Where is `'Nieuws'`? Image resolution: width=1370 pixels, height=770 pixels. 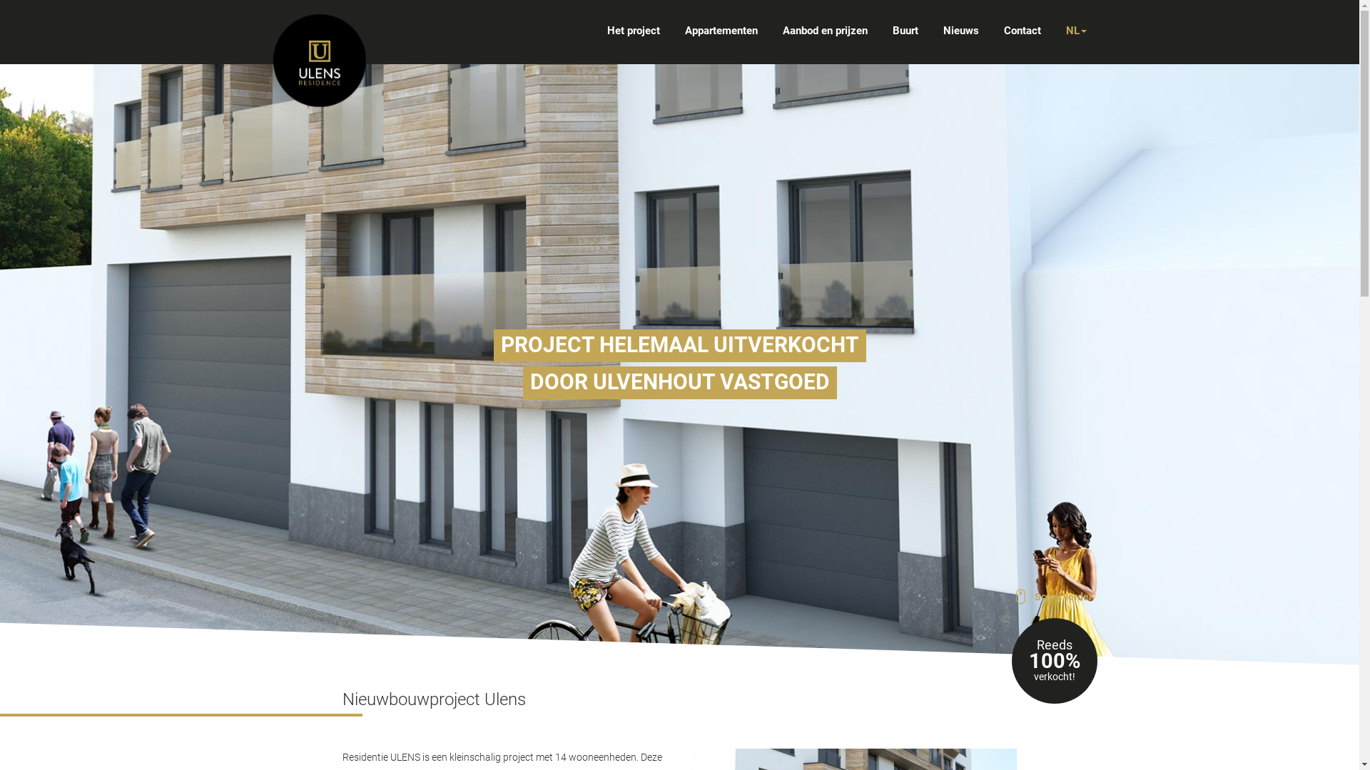
'Nieuws' is located at coordinates (943, 30).